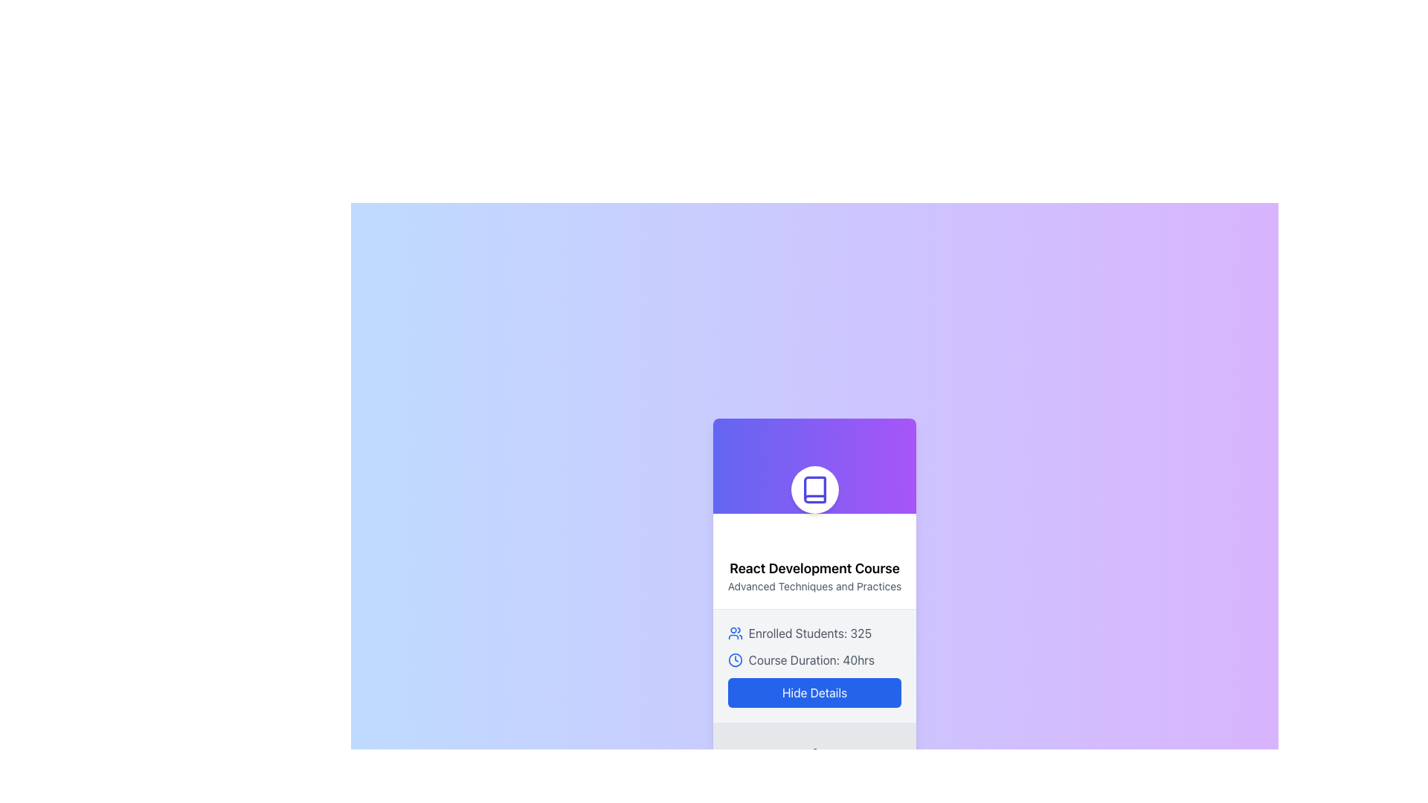 The width and height of the screenshot is (1428, 803). Describe the element at coordinates (814, 693) in the screenshot. I see `the 'Hide Details' button with a blue background and white text` at that location.